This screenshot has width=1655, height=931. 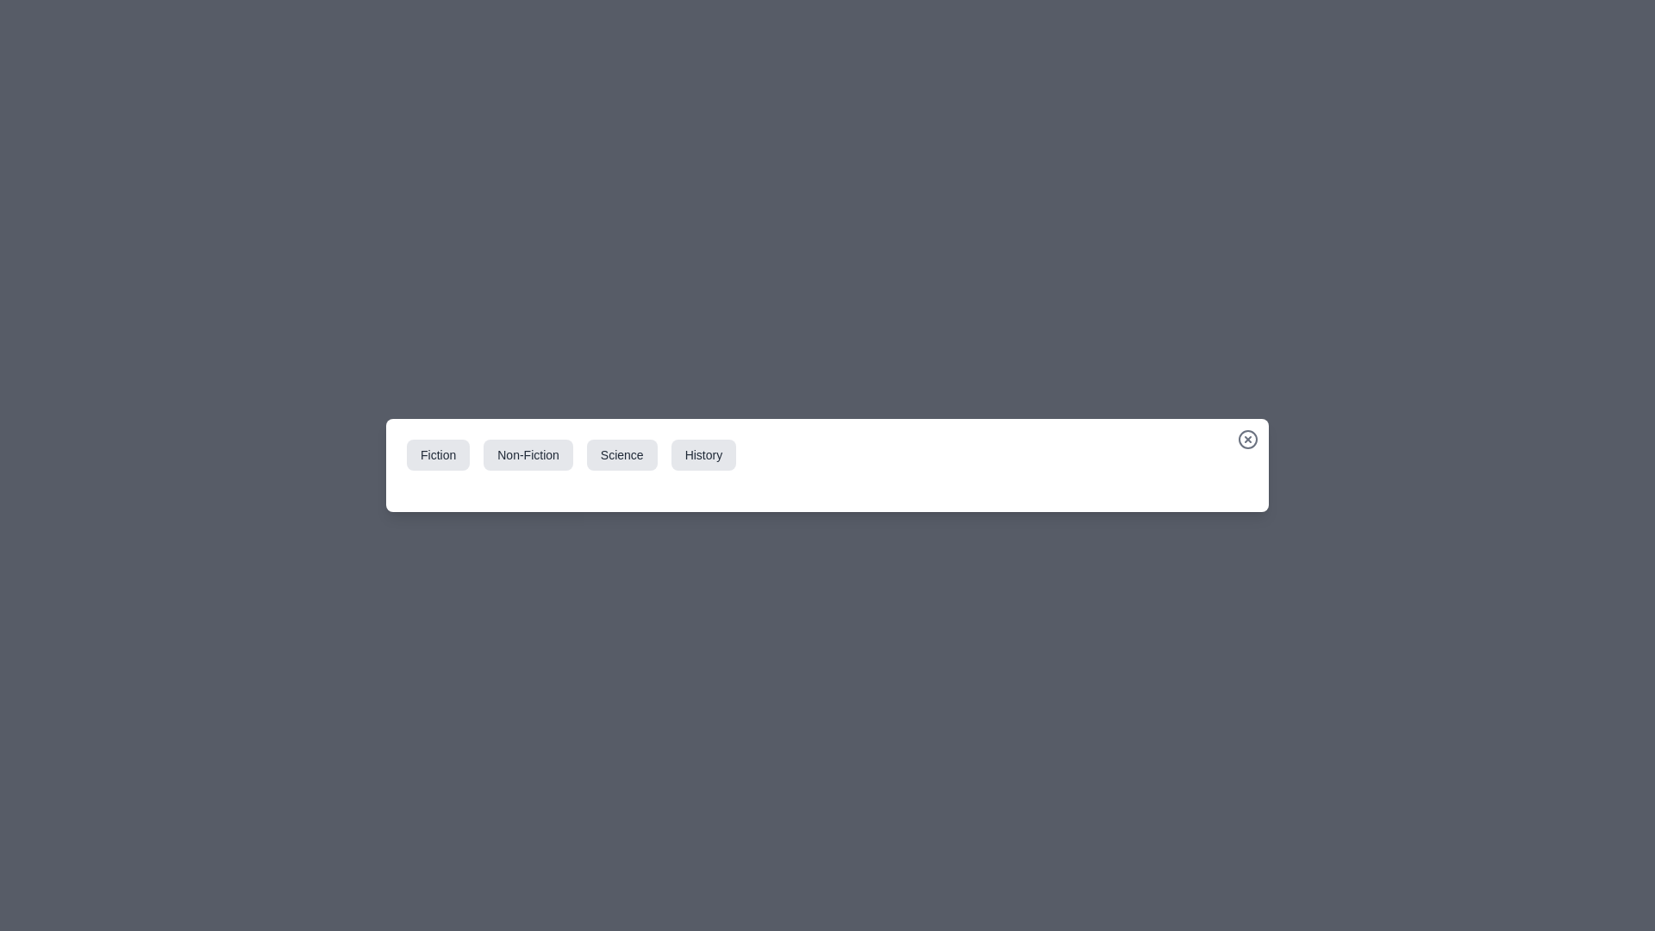 What do you see at coordinates (528, 454) in the screenshot?
I see `the Non-Fiction tab` at bounding box center [528, 454].